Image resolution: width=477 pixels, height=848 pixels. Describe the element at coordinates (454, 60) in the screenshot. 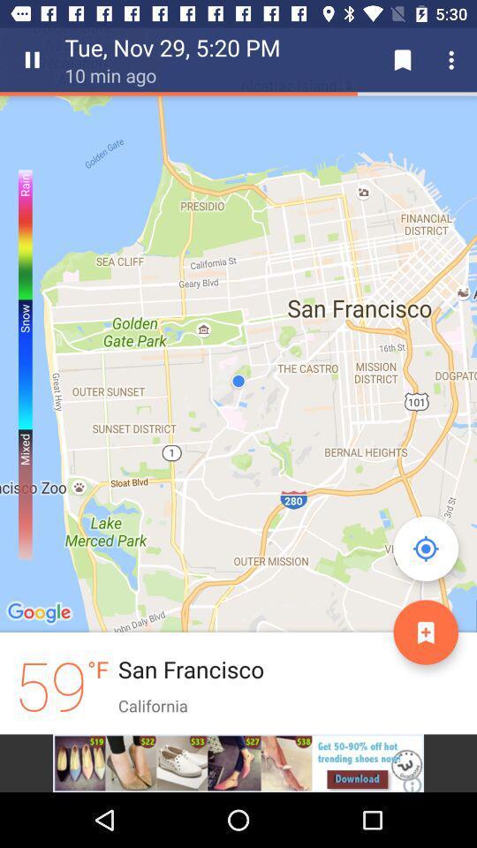

I see `more options icon` at that location.